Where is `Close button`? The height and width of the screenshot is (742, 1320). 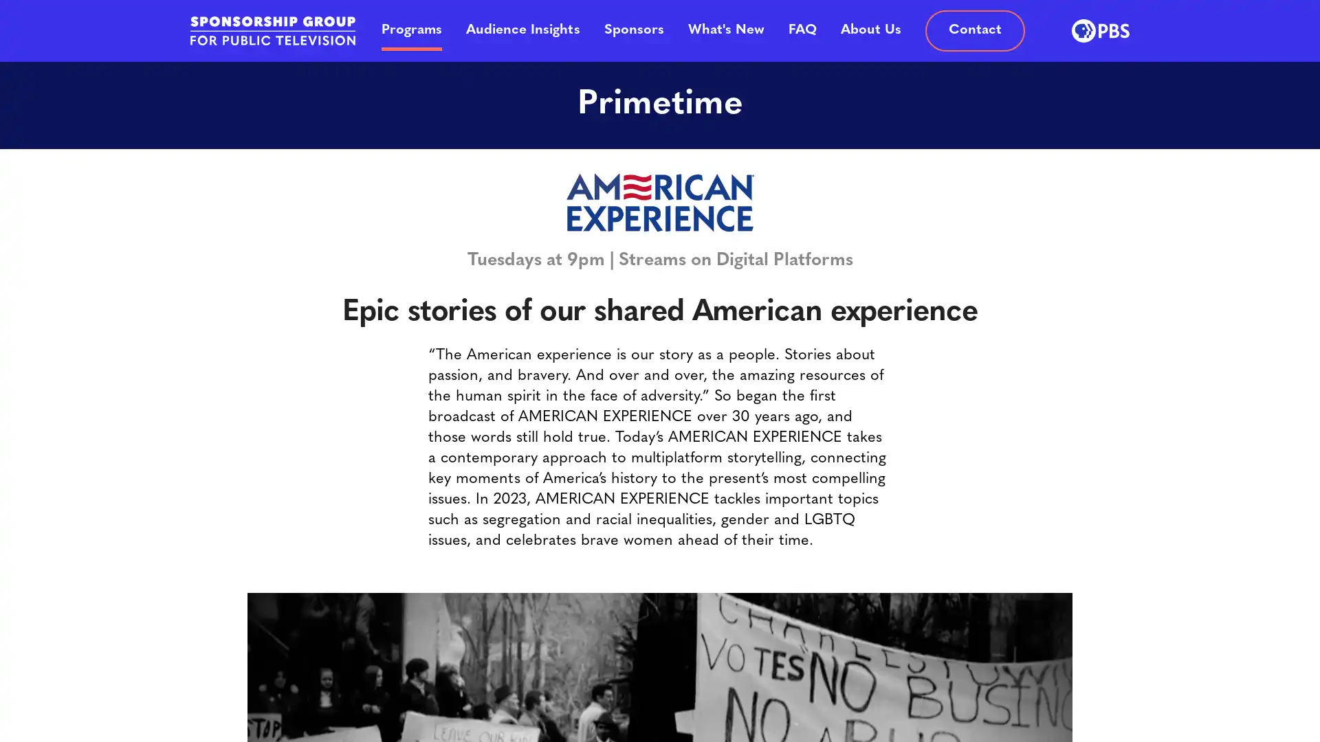 Close button is located at coordinates (874, 139).